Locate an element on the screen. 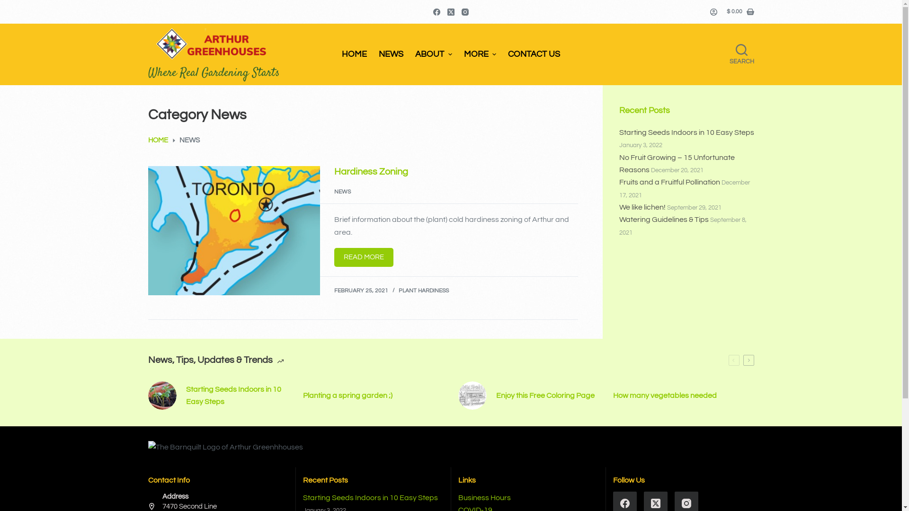 The height and width of the screenshot is (511, 909). 'Business Hours' is located at coordinates (458, 497).